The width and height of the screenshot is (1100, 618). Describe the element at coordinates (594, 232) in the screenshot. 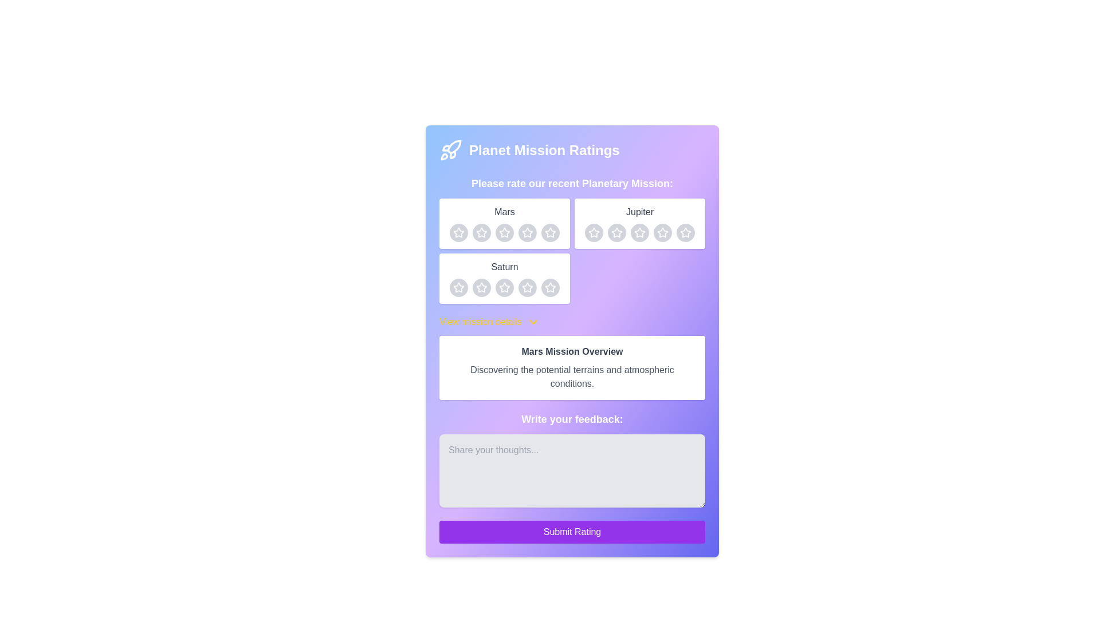

I see `the fourth star-shaped rating icon in the rating system under the 'Jupiter' header` at that location.